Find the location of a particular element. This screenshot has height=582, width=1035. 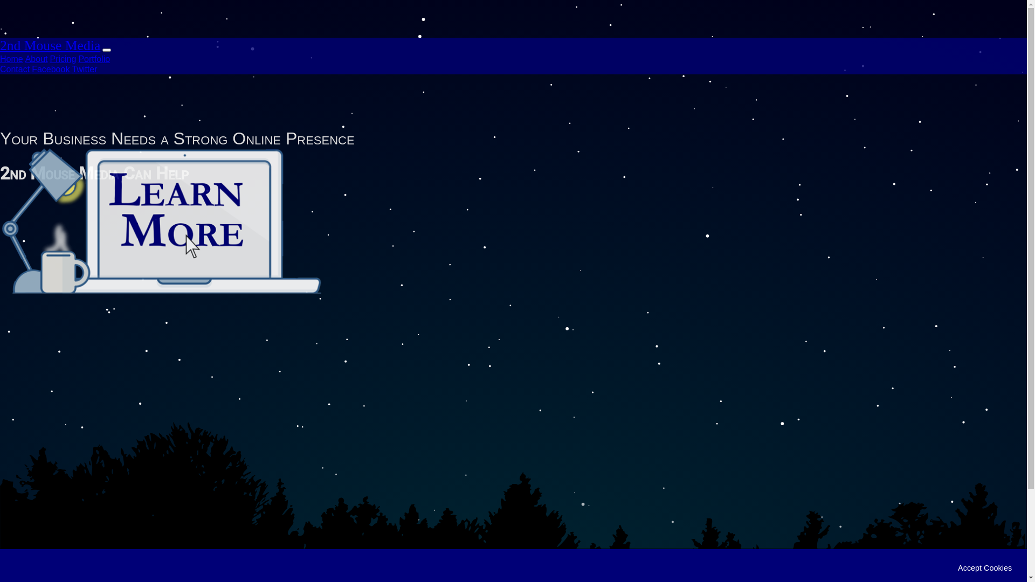

'Pricing' is located at coordinates (62, 59).